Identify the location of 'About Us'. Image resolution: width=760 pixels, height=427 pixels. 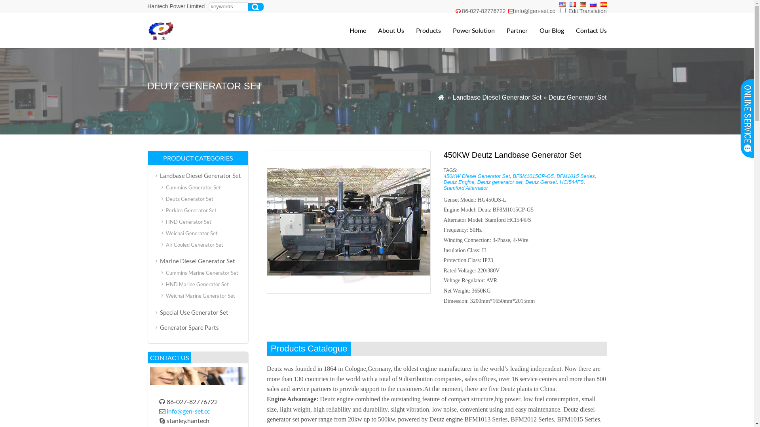
(384, 30).